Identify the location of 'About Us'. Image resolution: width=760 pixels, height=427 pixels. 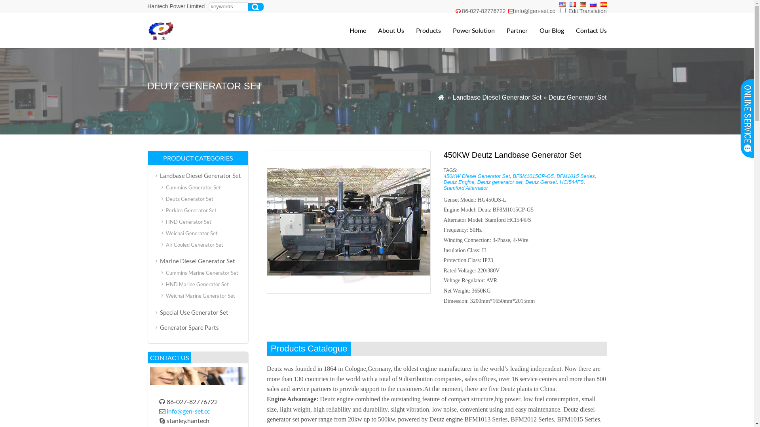
(384, 30).